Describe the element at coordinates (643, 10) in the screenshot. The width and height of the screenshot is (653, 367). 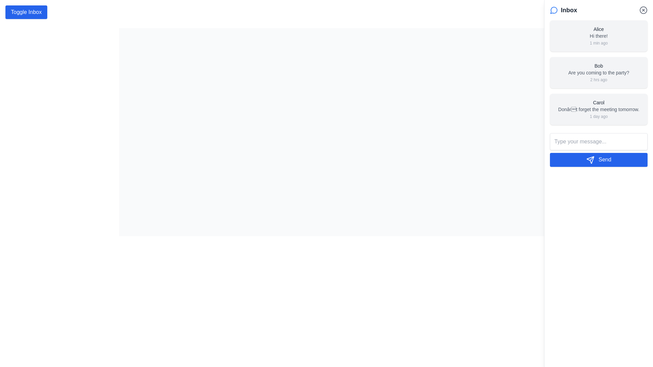
I see `the close button located at the top-right corner of the 'Inbox' panel to trigger a darker shade effect` at that location.